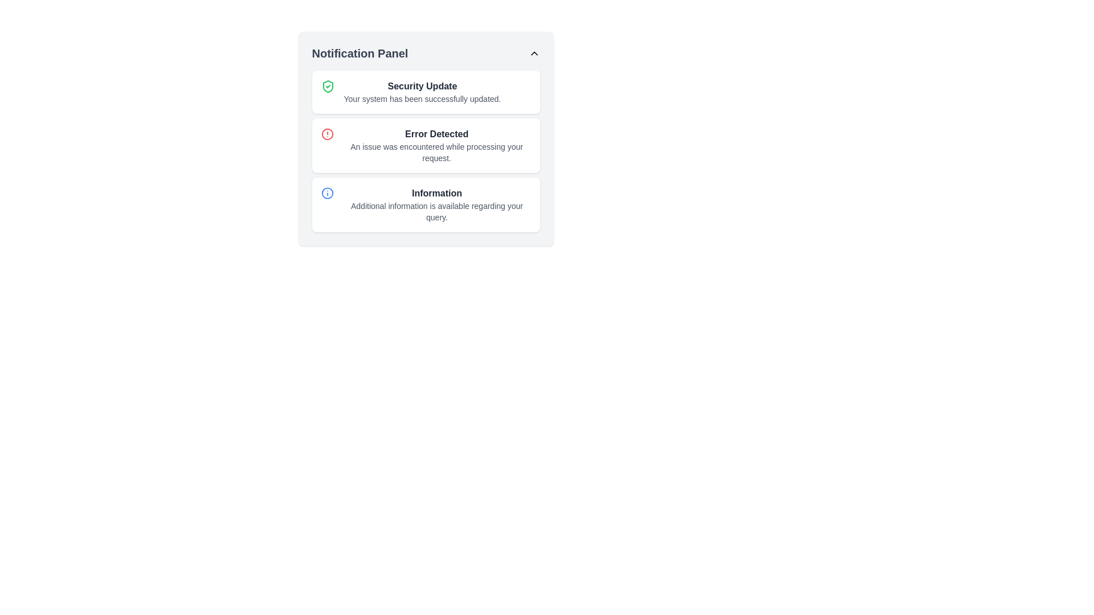 The height and width of the screenshot is (615, 1094). I want to click on the red circular element located within the Error Detected notification box, which is part of an SVG icon, so click(326, 133).